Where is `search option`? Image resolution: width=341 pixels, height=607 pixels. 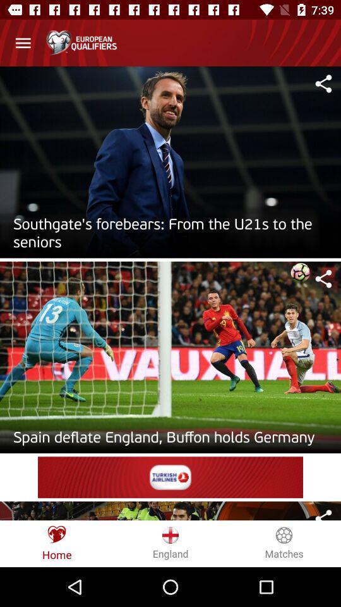 search option is located at coordinates (323, 279).